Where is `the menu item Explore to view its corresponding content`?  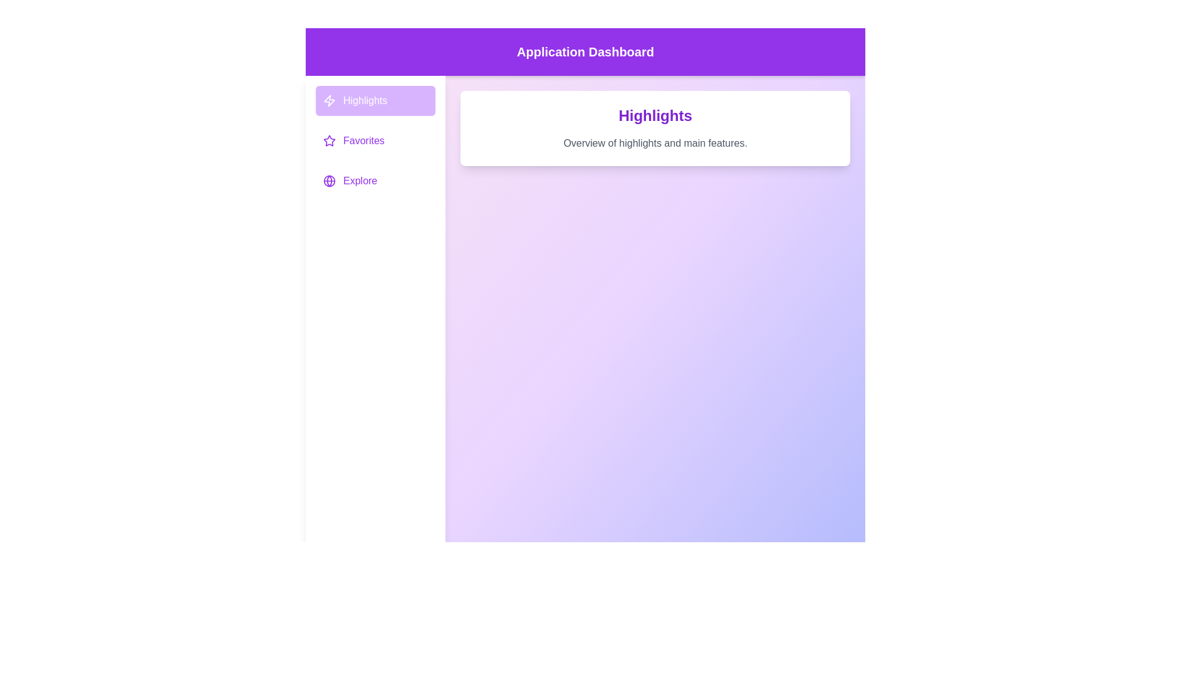
the menu item Explore to view its corresponding content is located at coordinates (375, 181).